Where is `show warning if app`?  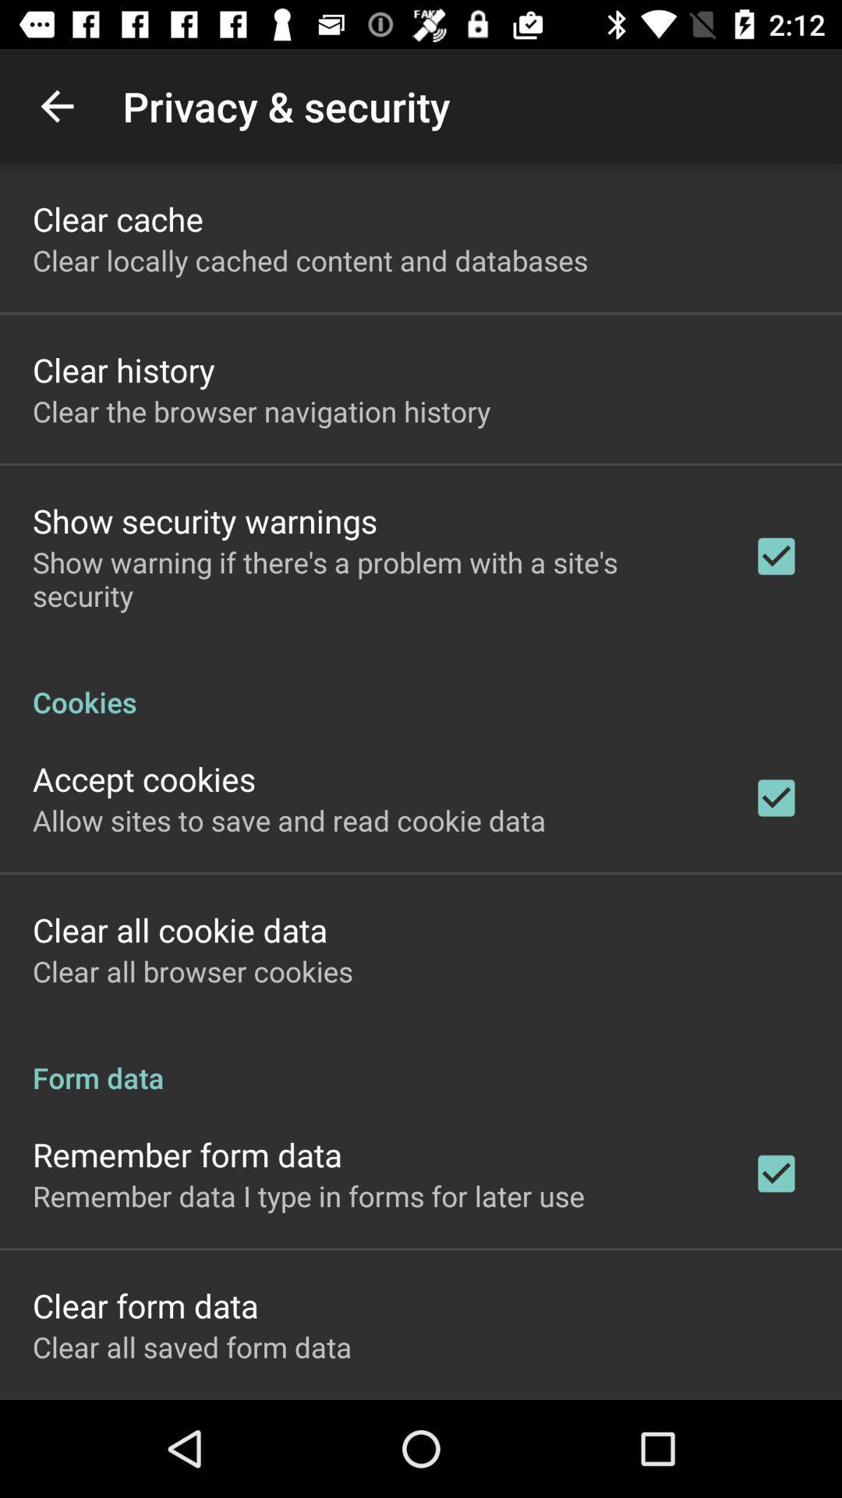 show warning if app is located at coordinates (372, 578).